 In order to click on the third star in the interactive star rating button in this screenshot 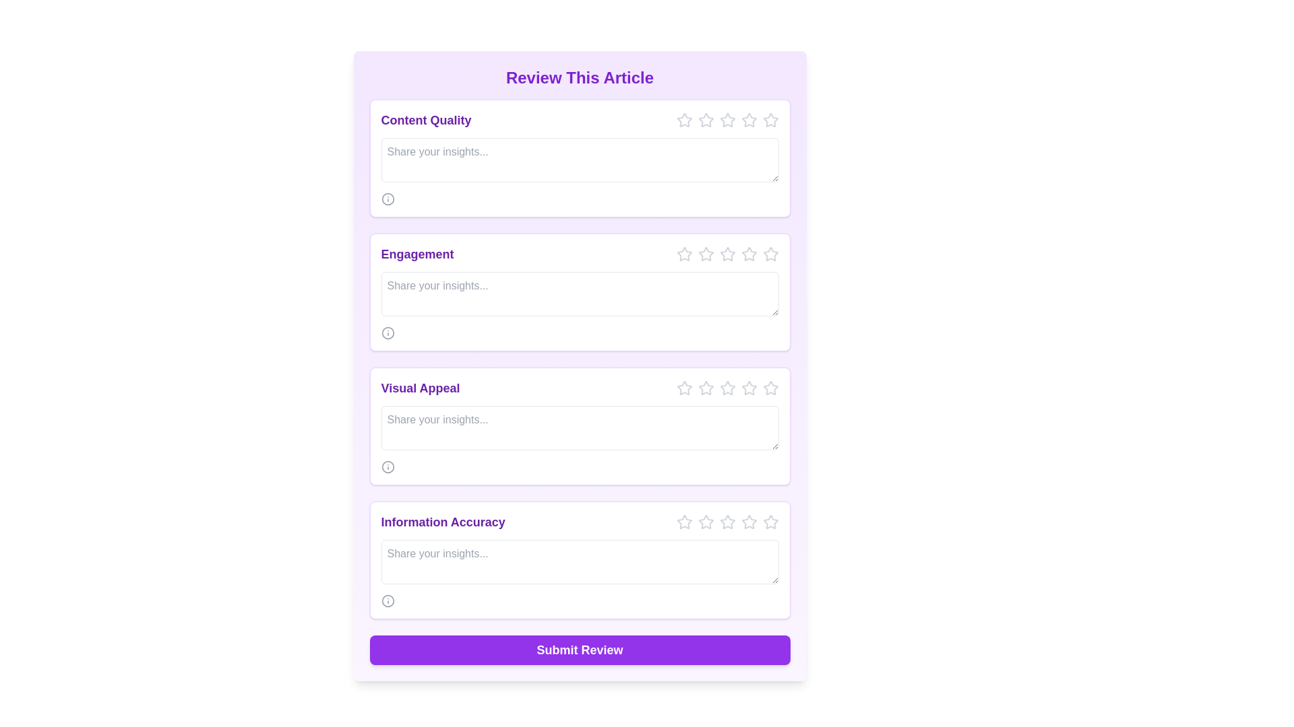, I will do `click(705, 388)`.